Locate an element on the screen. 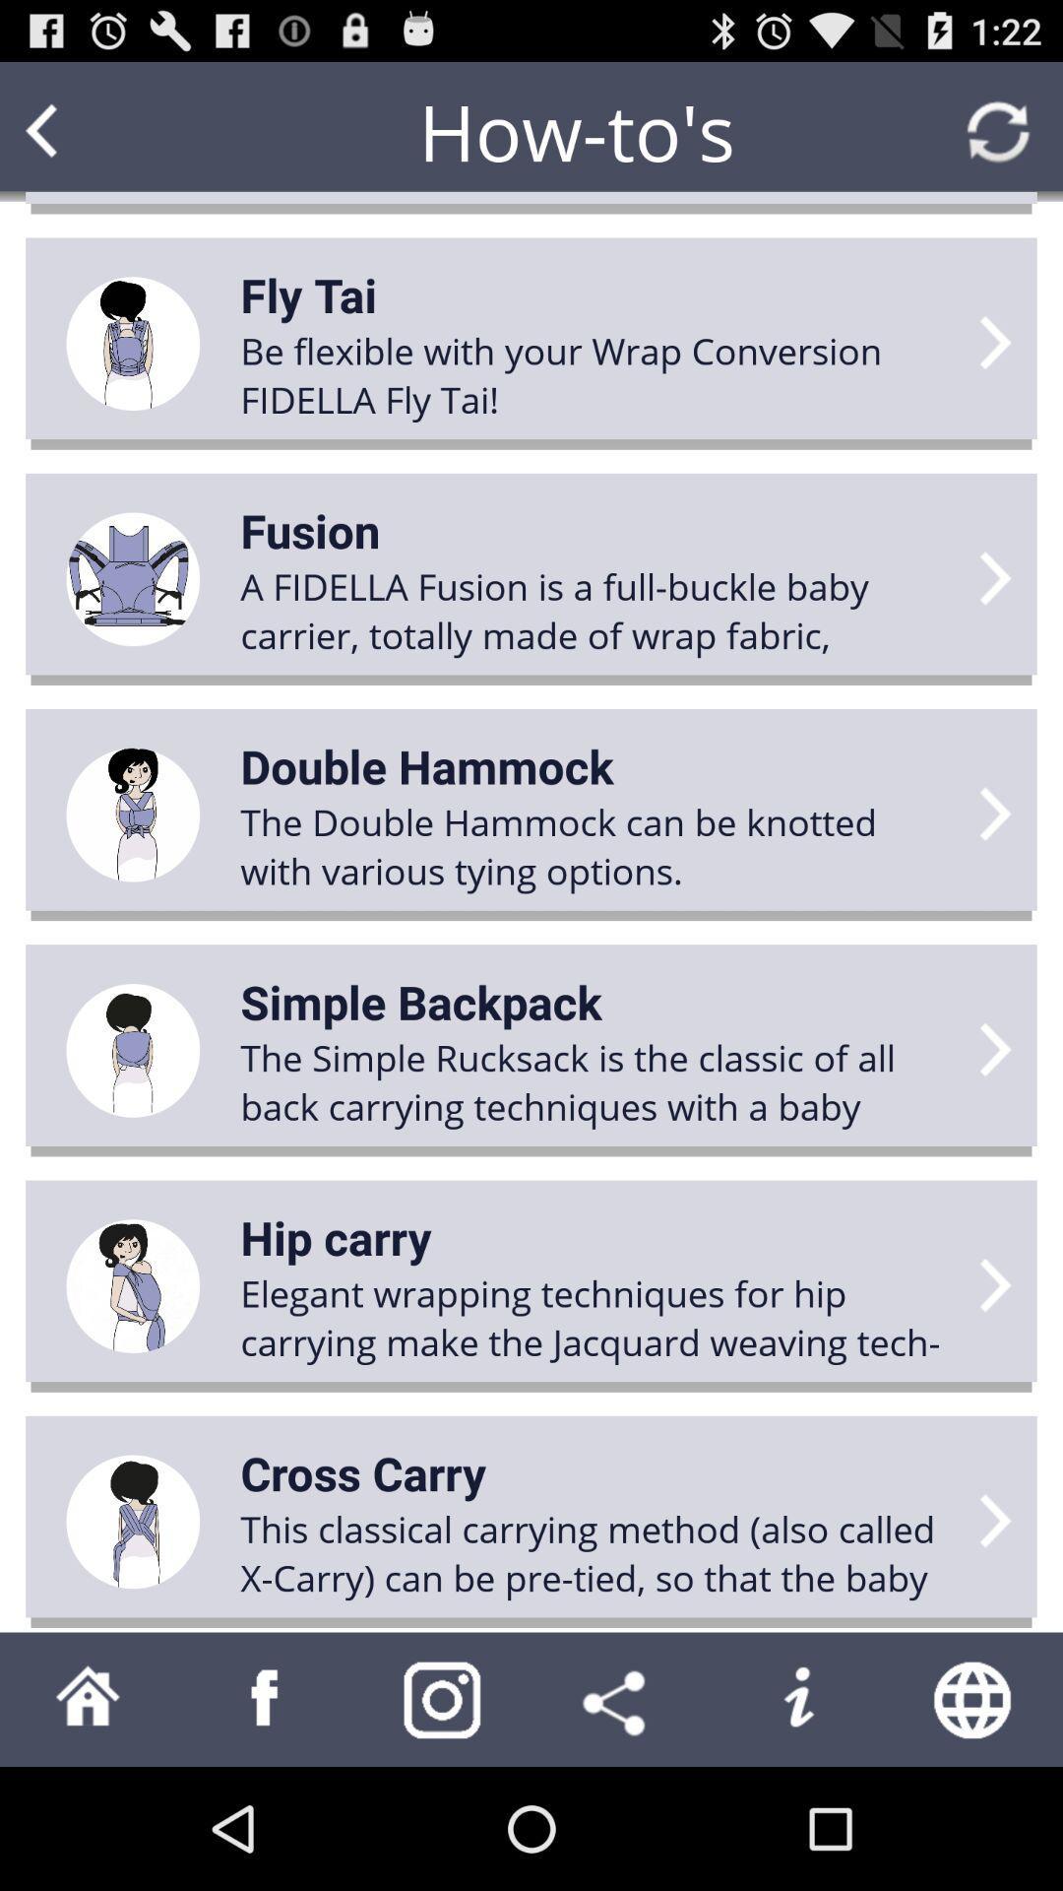  instagram option is located at coordinates (443, 1698).